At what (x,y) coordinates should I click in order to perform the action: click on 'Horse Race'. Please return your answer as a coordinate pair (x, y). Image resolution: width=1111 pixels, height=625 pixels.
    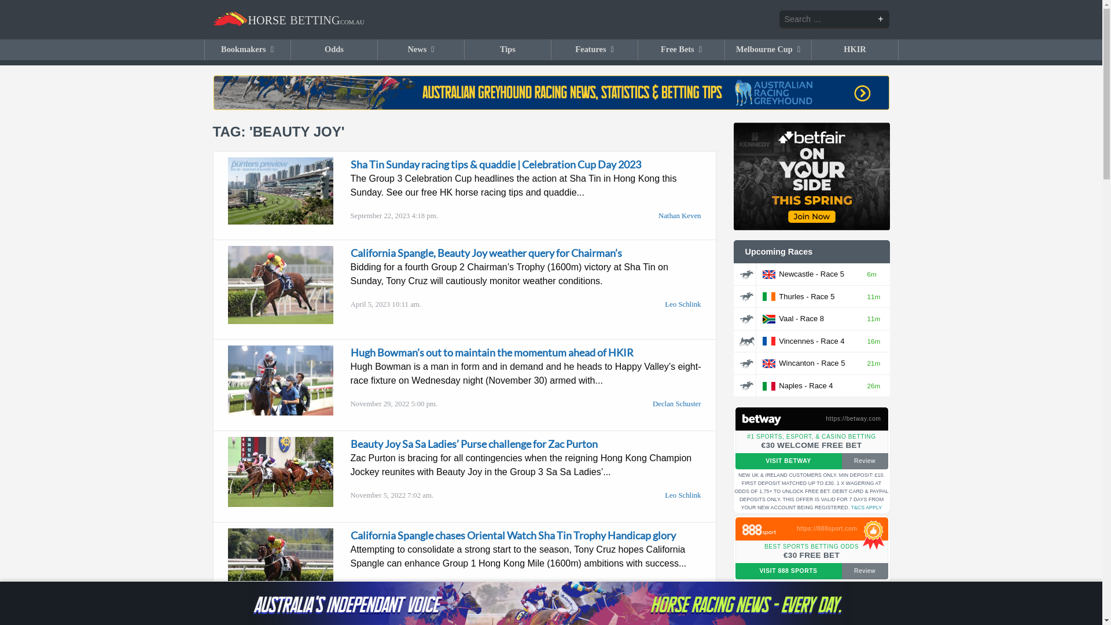
    Looking at the image, I should click on (746, 296).